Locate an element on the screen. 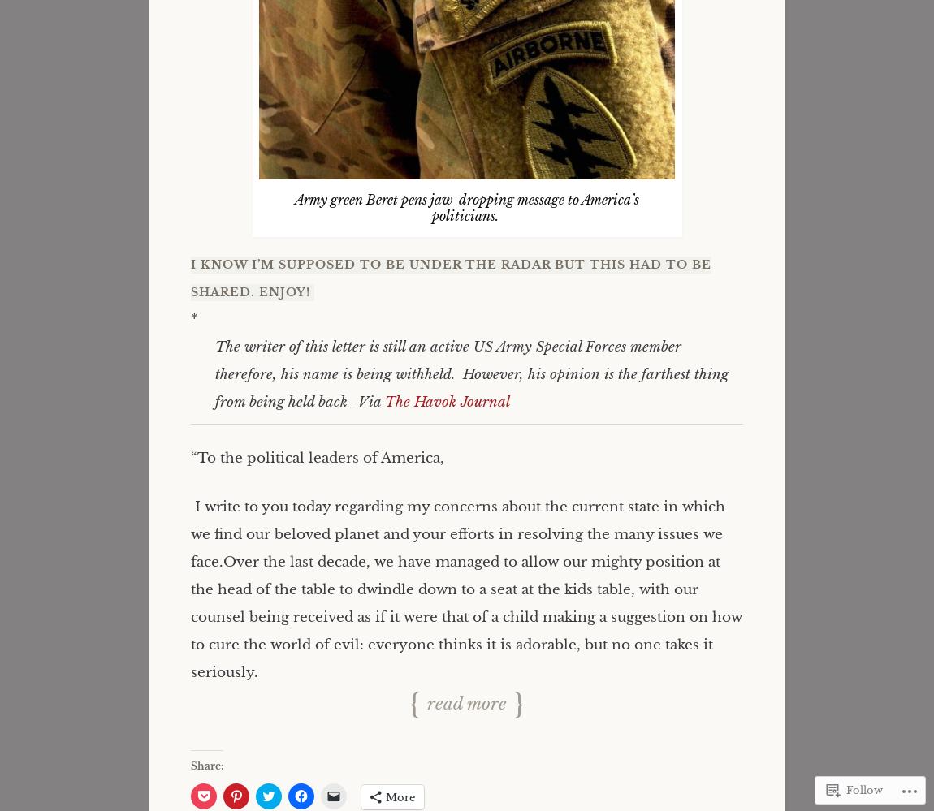 This screenshot has height=811, width=934. 'I know I’m supposed to be under the radar but this had to be shared. Enjoy!' is located at coordinates (189, 278).